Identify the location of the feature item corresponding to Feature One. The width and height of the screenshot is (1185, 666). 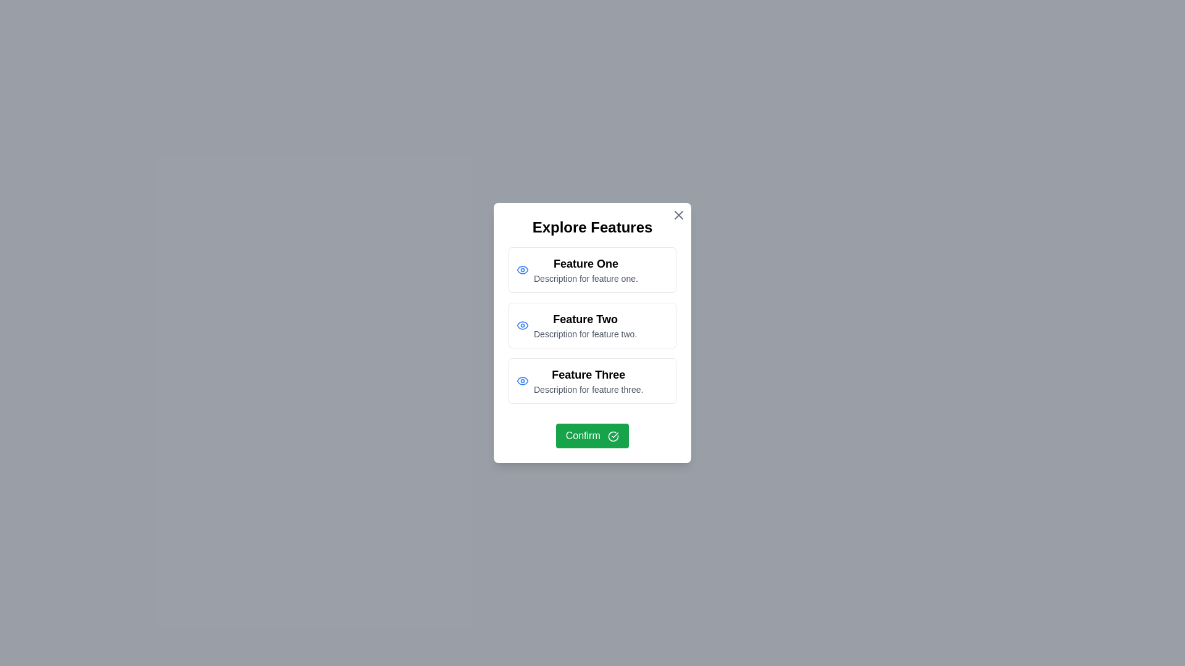
(592, 269).